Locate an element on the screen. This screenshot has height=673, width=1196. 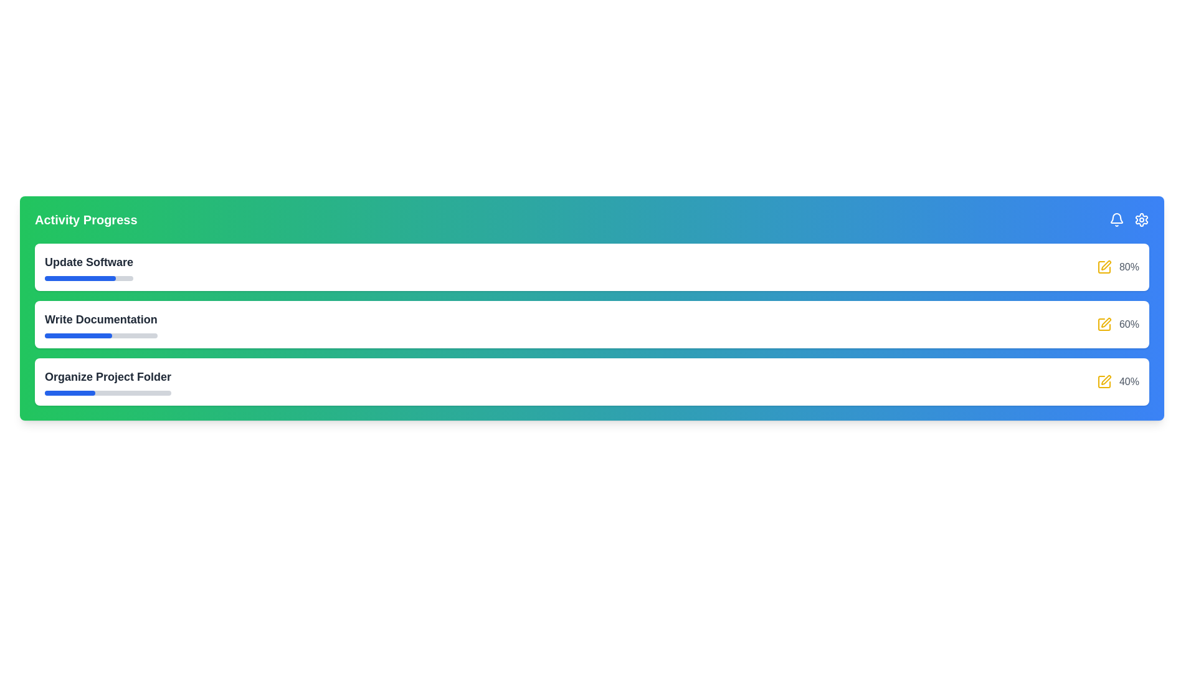
the progress bar below the 'Update Software' label, which features a light gray background with a blue filled segment occupying 80% of its width is located at coordinates (88, 278).